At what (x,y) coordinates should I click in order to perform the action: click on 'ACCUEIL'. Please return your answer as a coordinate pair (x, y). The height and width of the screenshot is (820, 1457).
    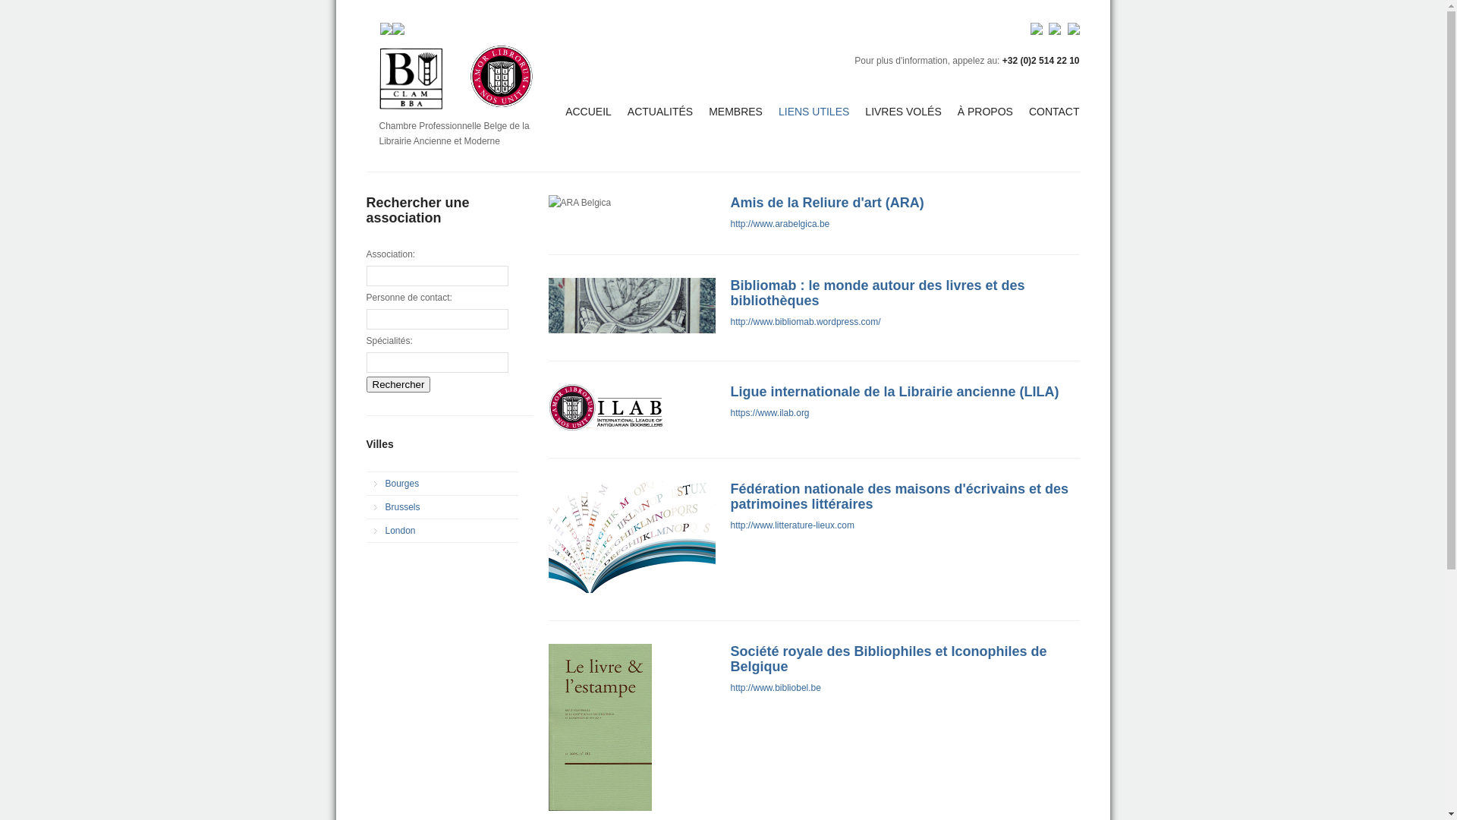
    Looking at the image, I should click on (596, 110).